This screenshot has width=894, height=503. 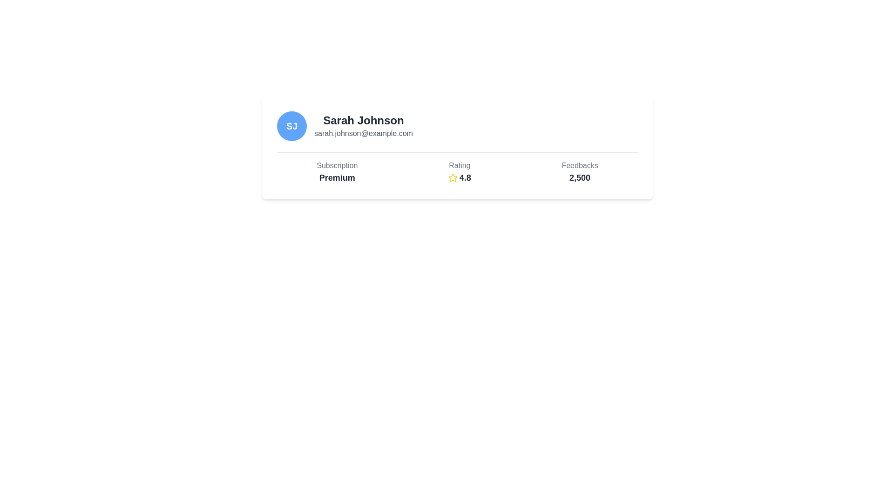 What do you see at coordinates (363, 126) in the screenshot?
I see `the text display element that shows the user's name and email address, specifically for 'Sarah Johnson', which is located in the upper center of the visible area, slightly to the right of the circular avatar with initials 'SJ'` at bounding box center [363, 126].